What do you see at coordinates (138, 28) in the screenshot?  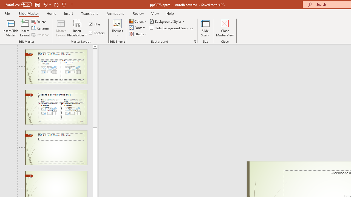 I see `'Fonts'` at bounding box center [138, 28].